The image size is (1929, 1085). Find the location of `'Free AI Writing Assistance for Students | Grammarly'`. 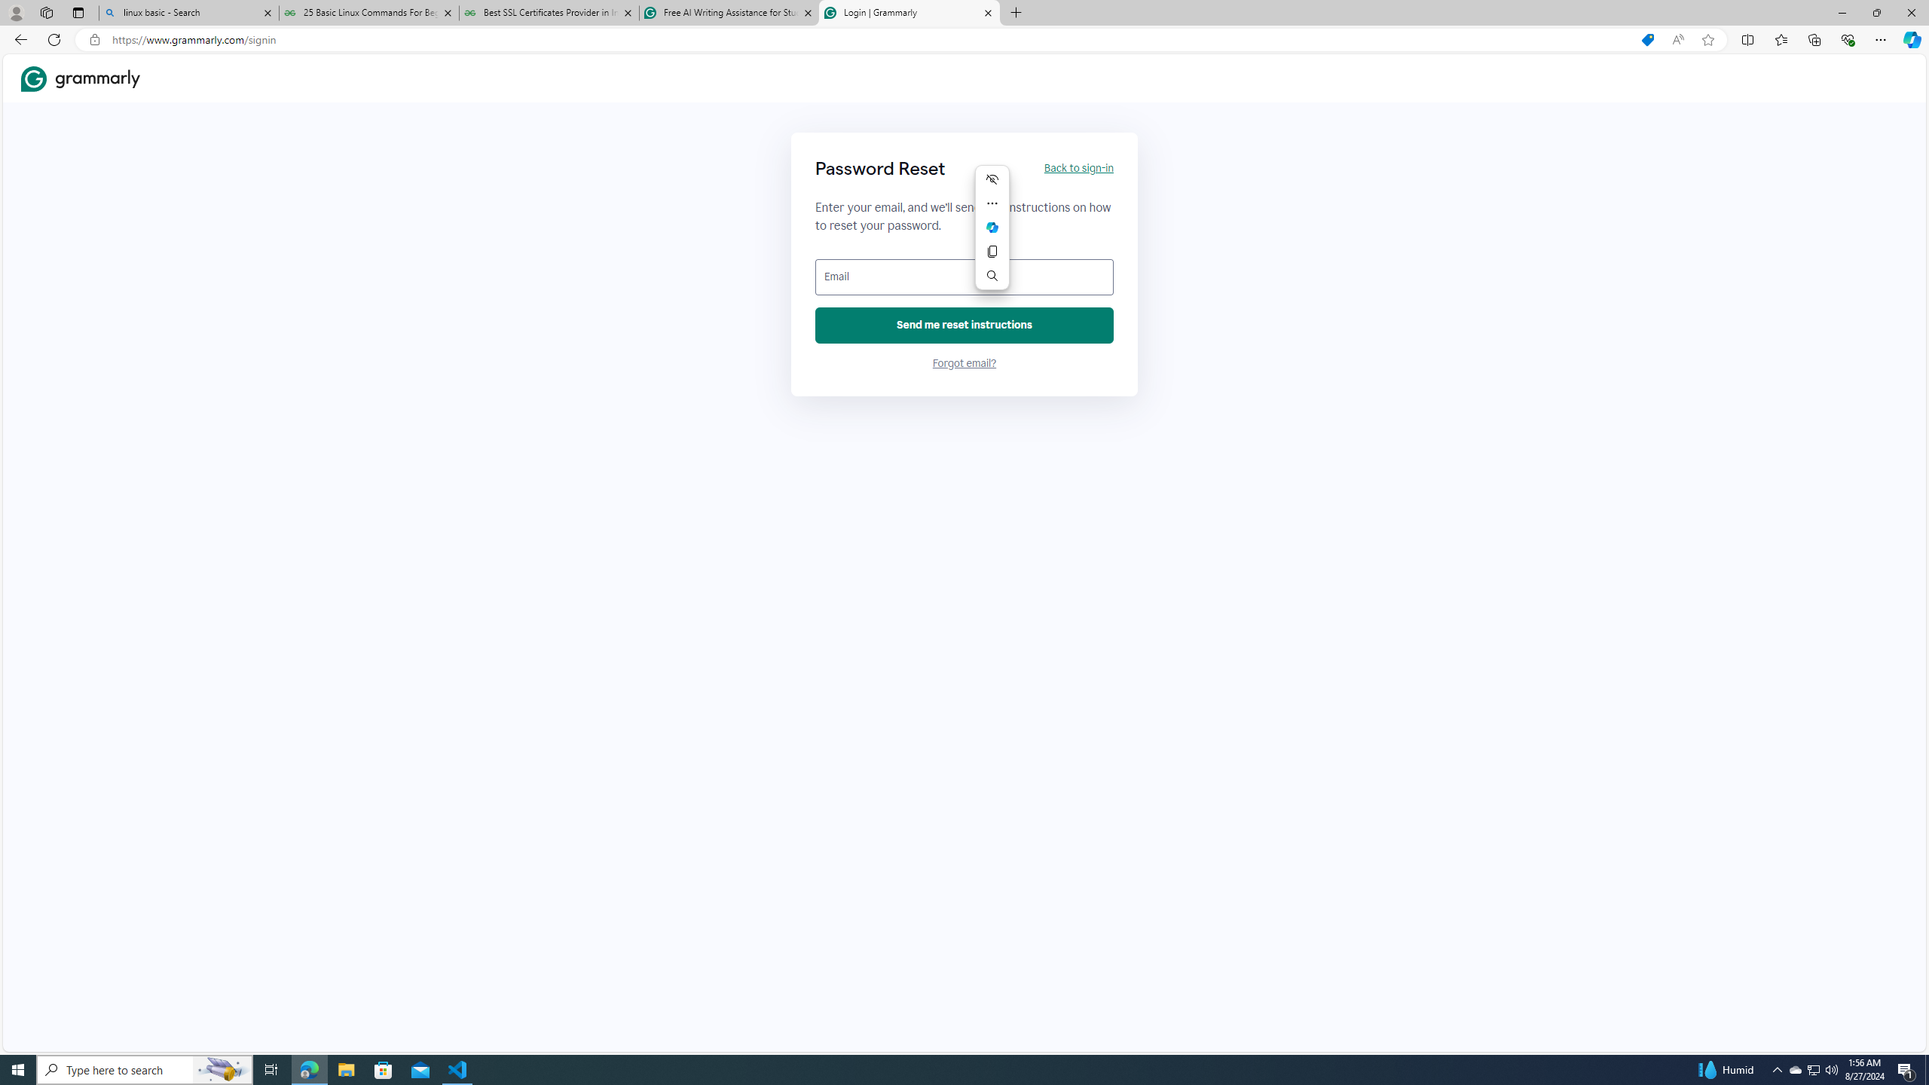

'Free AI Writing Assistance for Students | Grammarly' is located at coordinates (728, 12).